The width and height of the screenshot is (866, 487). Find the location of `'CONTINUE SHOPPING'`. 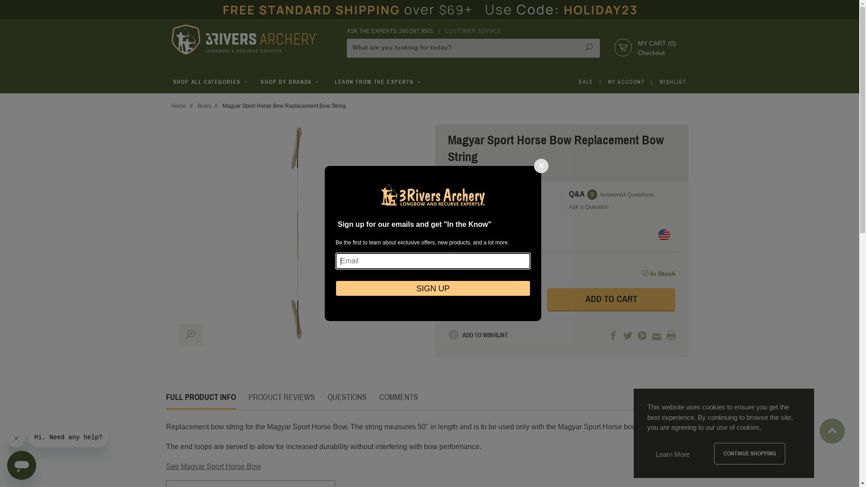

'CONTINUE SHOPPING' is located at coordinates (749, 454).